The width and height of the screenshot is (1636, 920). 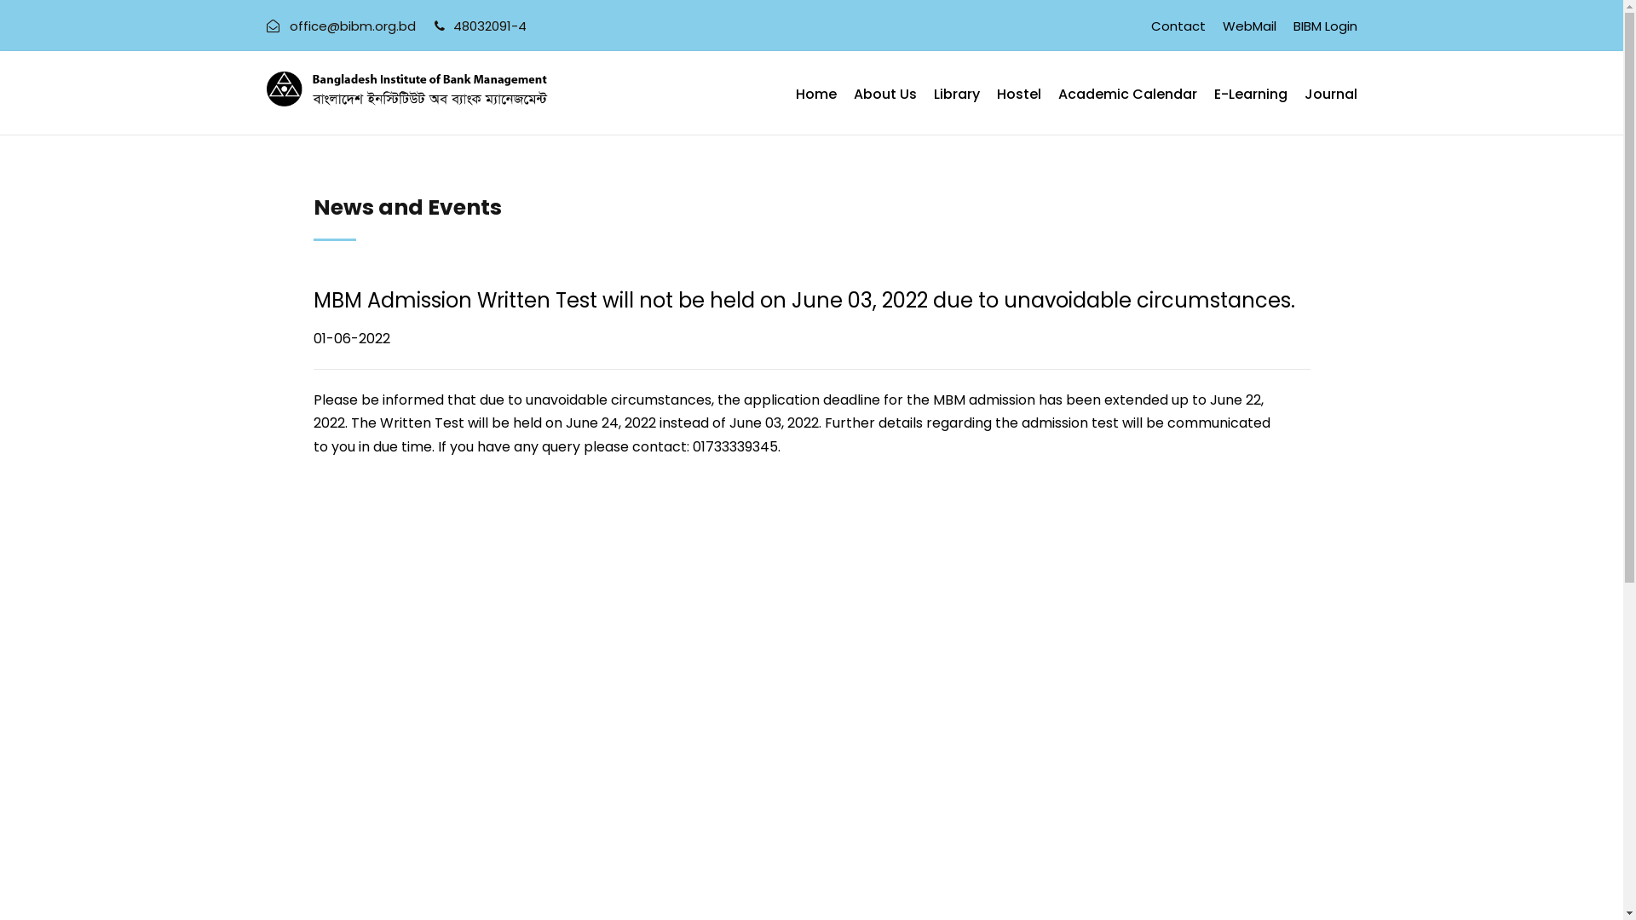 What do you see at coordinates (1250, 108) in the screenshot?
I see `'E-Learning'` at bounding box center [1250, 108].